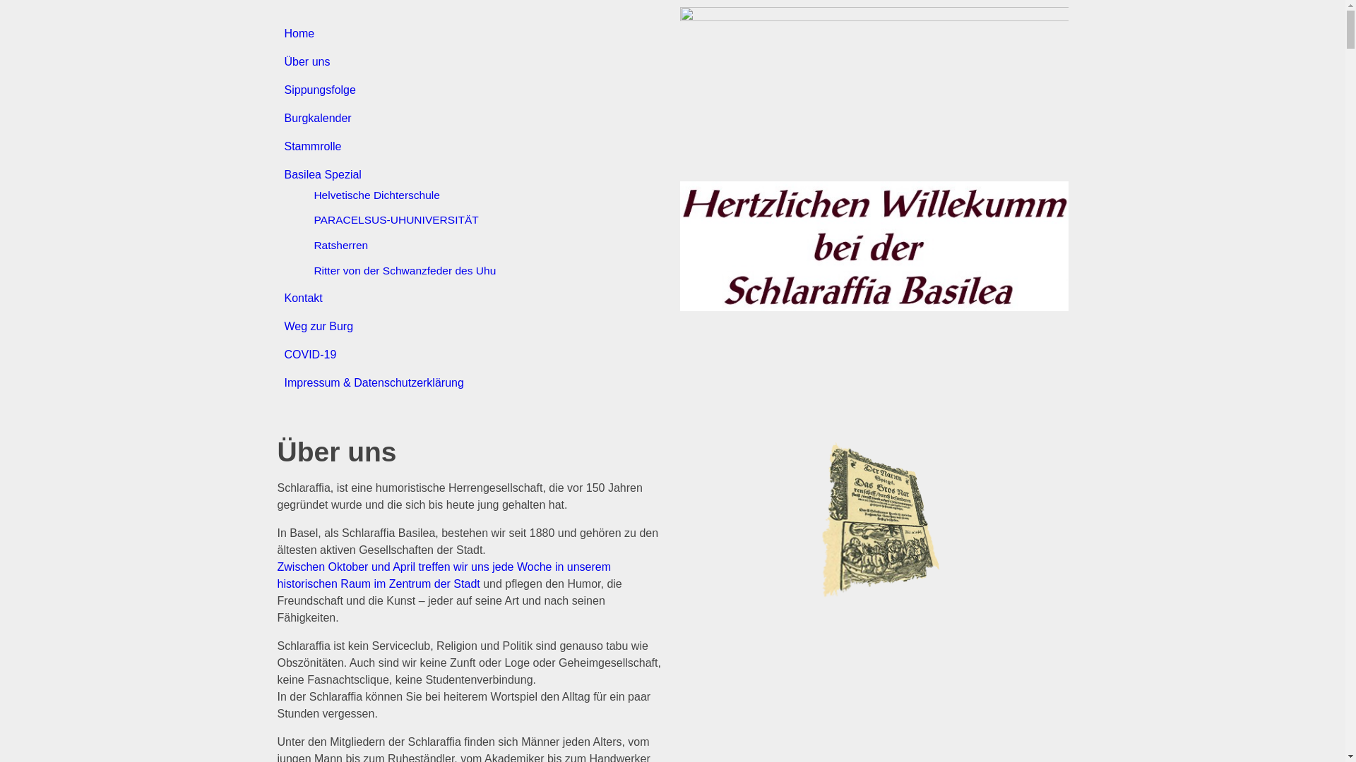 This screenshot has height=762, width=1356. I want to click on 'Weg zur Burg', so click(283, 326).